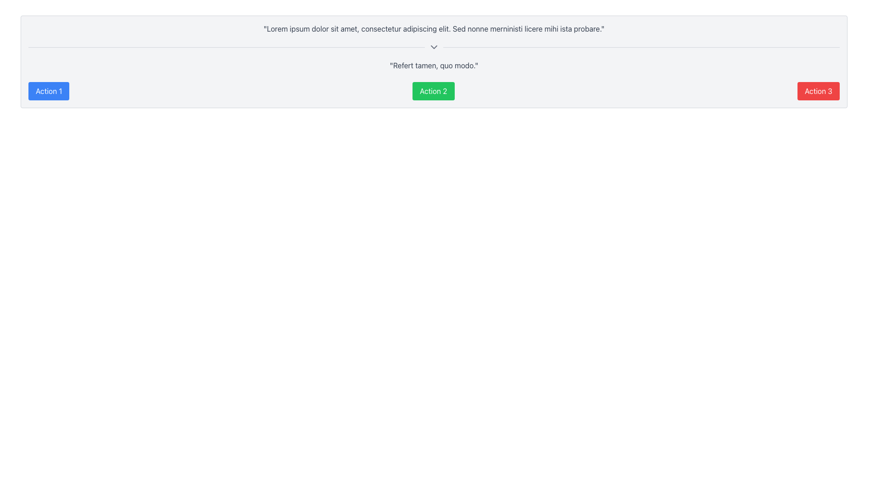 The image size is (881, 495). Describe the element at coordinates (433, 47) in the screenshot. I see `the small downward-pointing chevron icon in the middle of the horizontal bar` at that location.